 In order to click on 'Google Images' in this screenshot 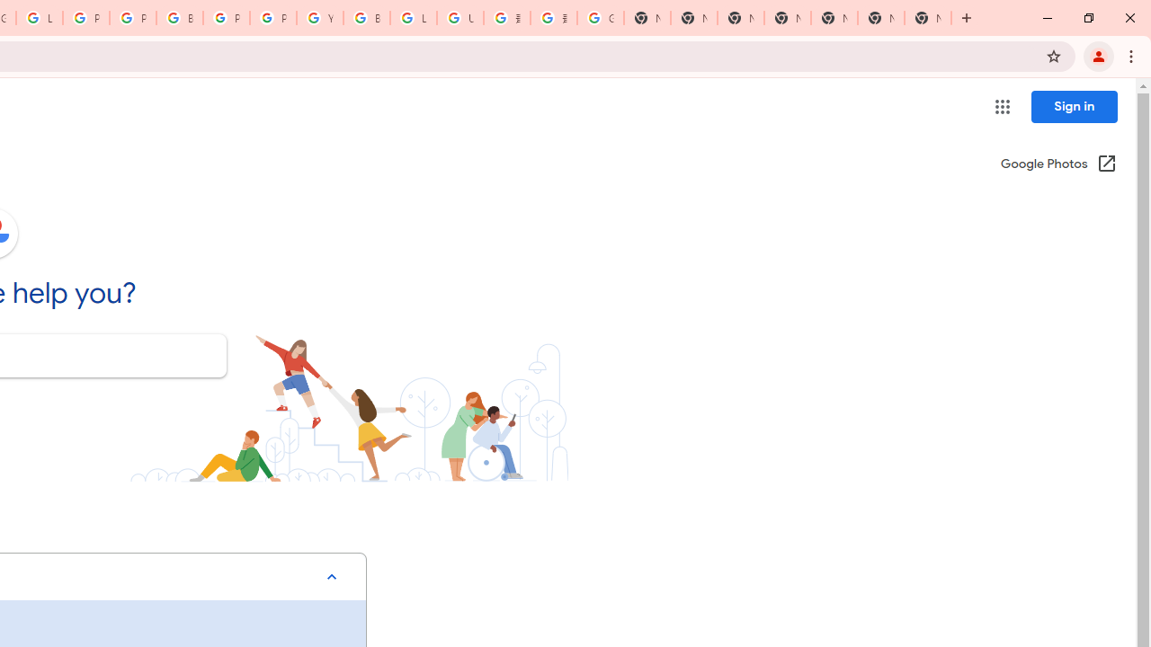, I will do `click(601, 18)`.